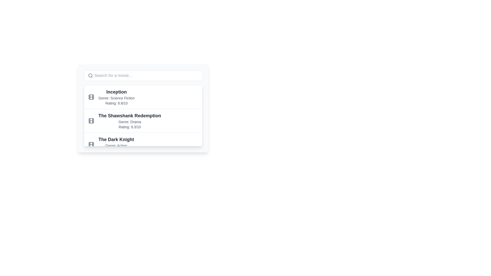  Describe the element at coordinates (143, 116) in the screenshot. I see `an individual movie title in the dropdown list` at that location.